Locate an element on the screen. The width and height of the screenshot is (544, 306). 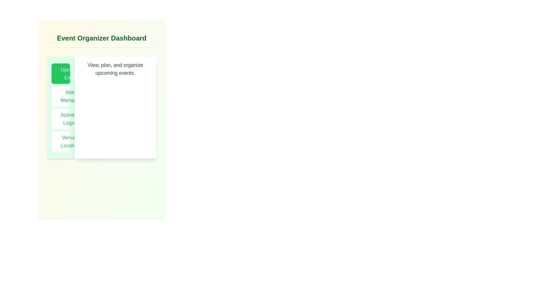
the Upcoming Events tab to navigate to its content is located at coordinates (61, 73).